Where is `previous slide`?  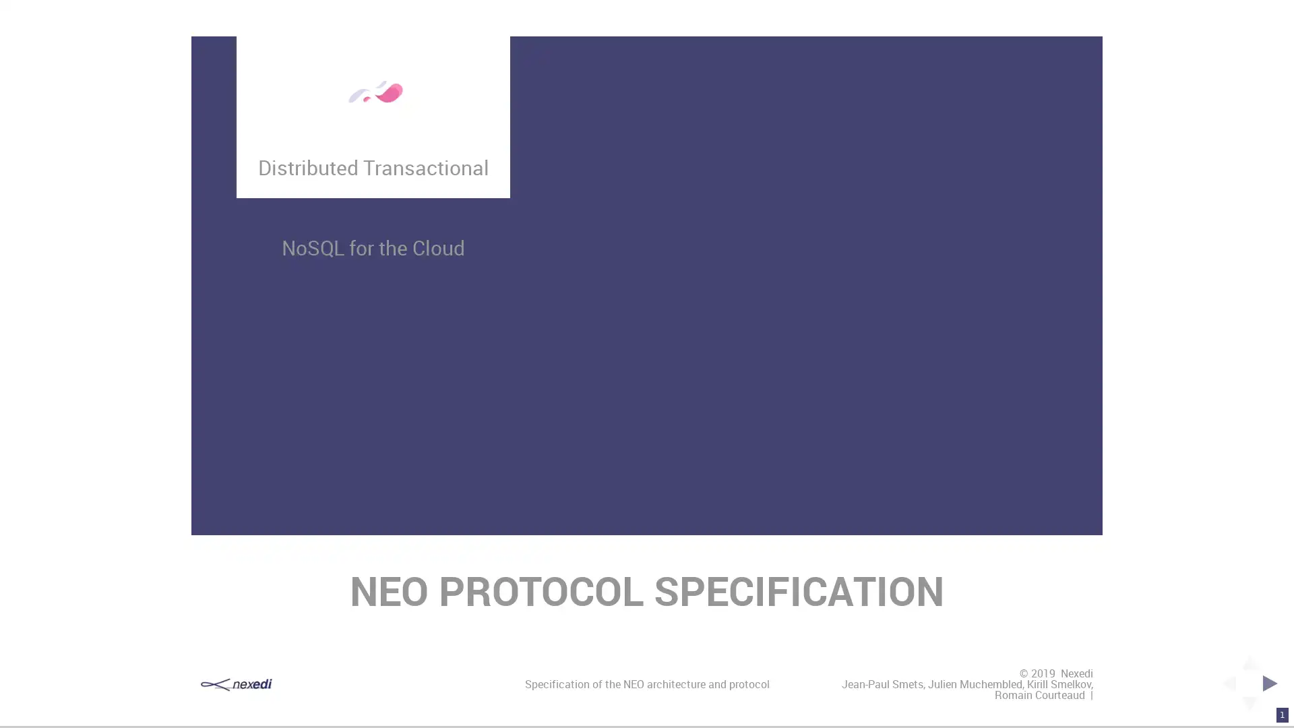
previous slide is located at coordinates (1224, 683).